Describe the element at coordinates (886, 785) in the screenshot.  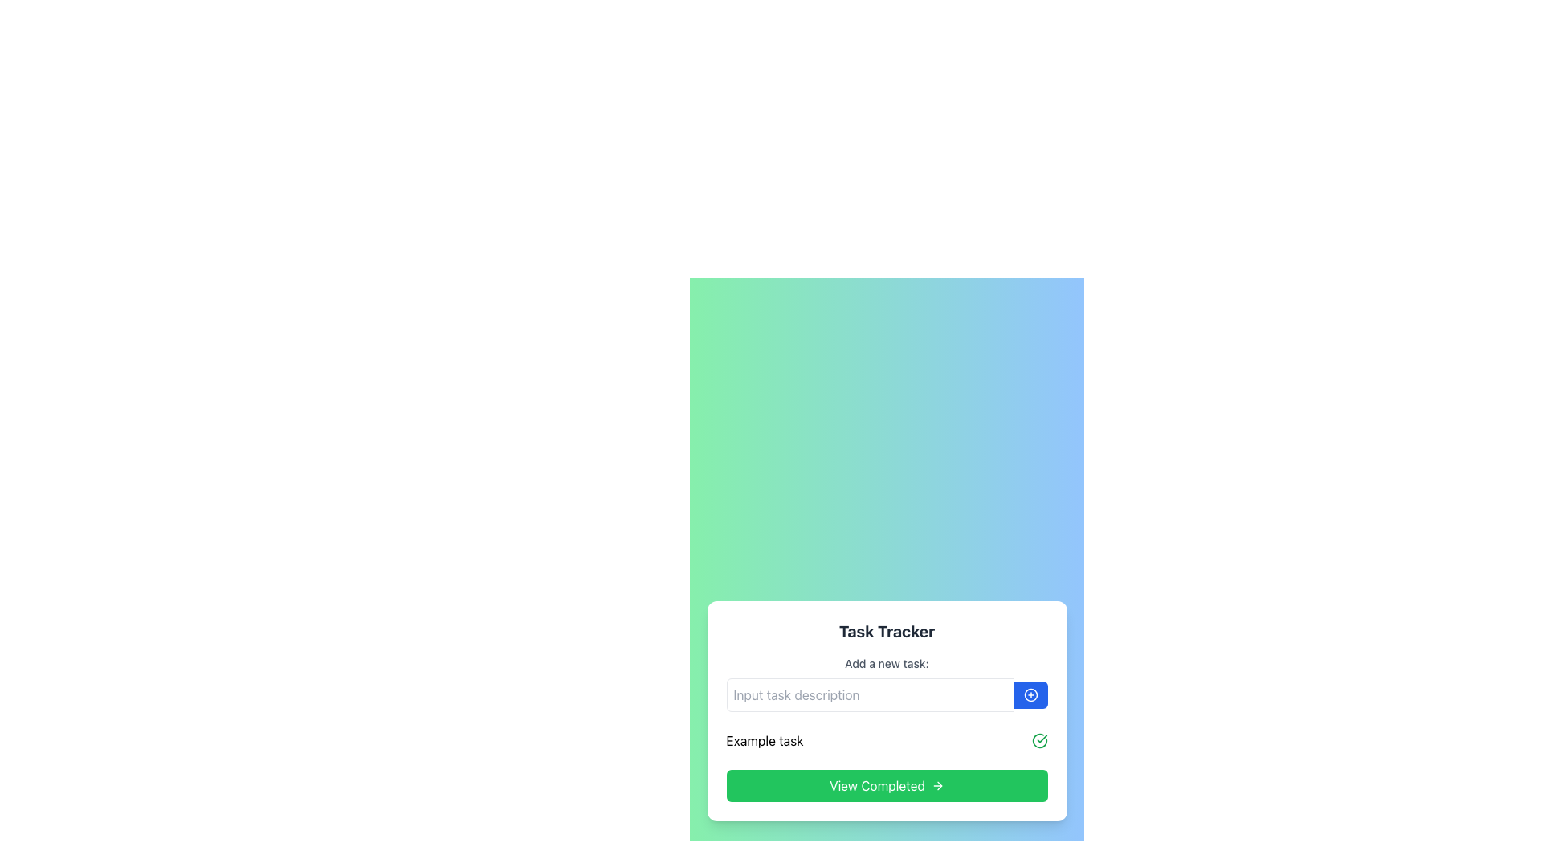
I see `the button located at the bottom of the task tracker card, directly beneath the 'Example task' text and icon` at that location.